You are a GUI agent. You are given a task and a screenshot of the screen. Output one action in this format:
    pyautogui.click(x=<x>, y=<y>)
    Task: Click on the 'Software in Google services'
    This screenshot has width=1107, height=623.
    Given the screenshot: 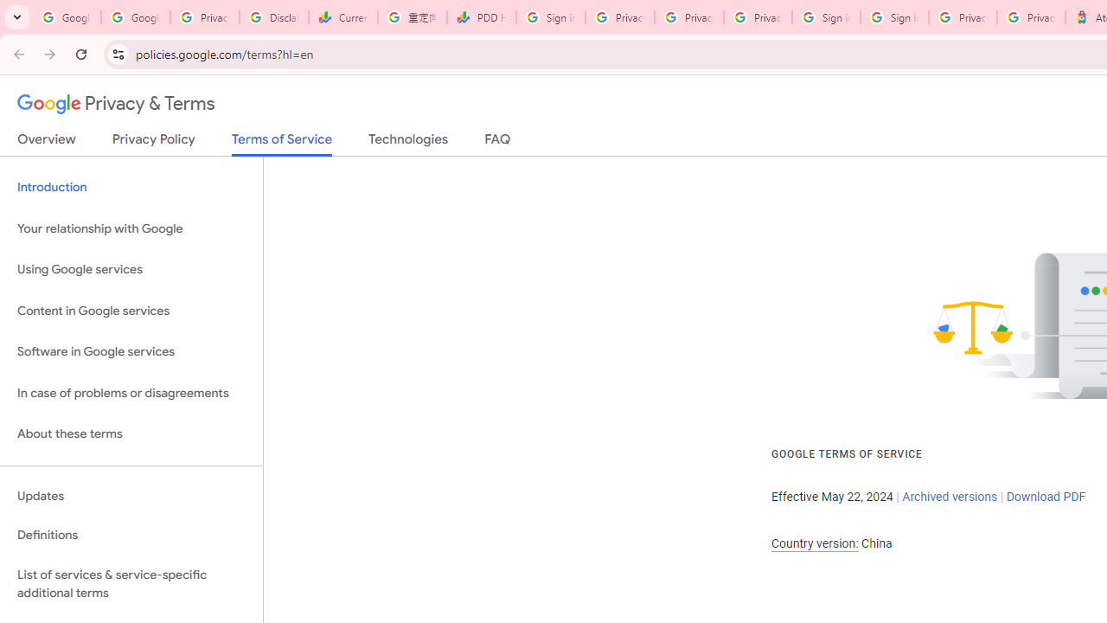 What is the action you would take?
    pyautogui.click(x=131, y=351)
    